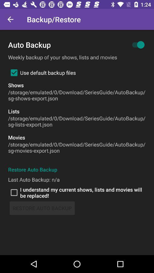 The image size is (154, 273). I want to click on use default backup, so click(42, 72).